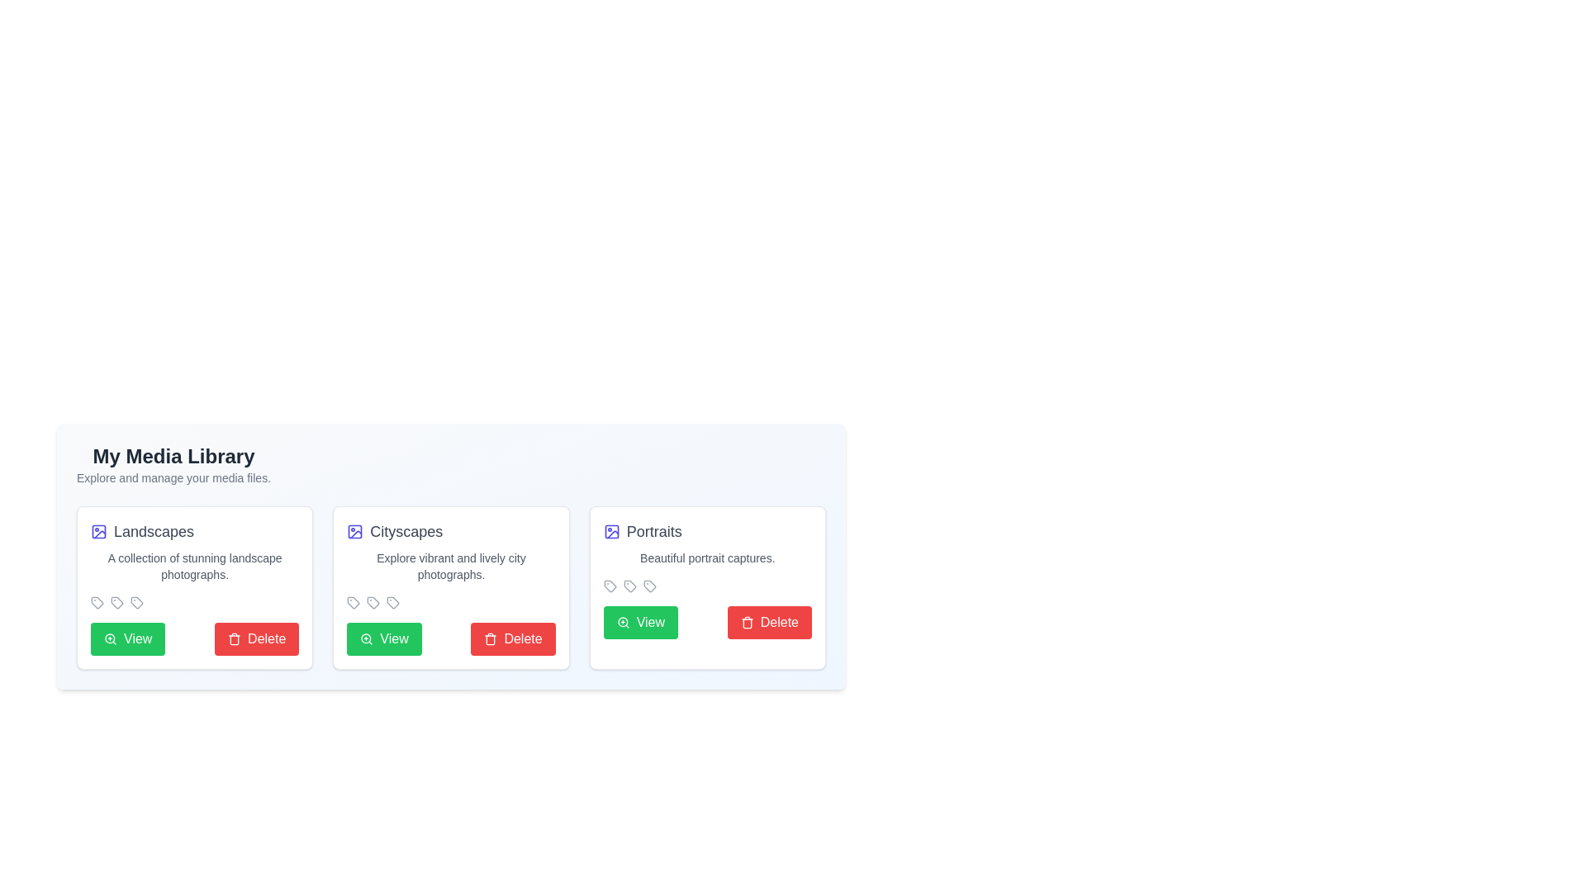 The image size is (1586, 892). I want to click on the rounded rectangular trash can icon located in the bottom-right corner of the 'Cityscapes' card, adjacent to the 'Delete' button, so click(490, 639).